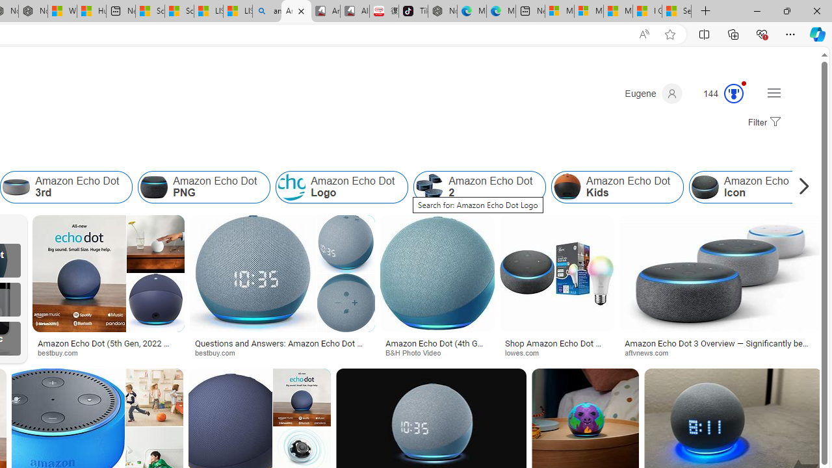  Describe the element at coordinates (442, 11) in the screenshot. I see `'Nordace - Best Sellers'` at that location.